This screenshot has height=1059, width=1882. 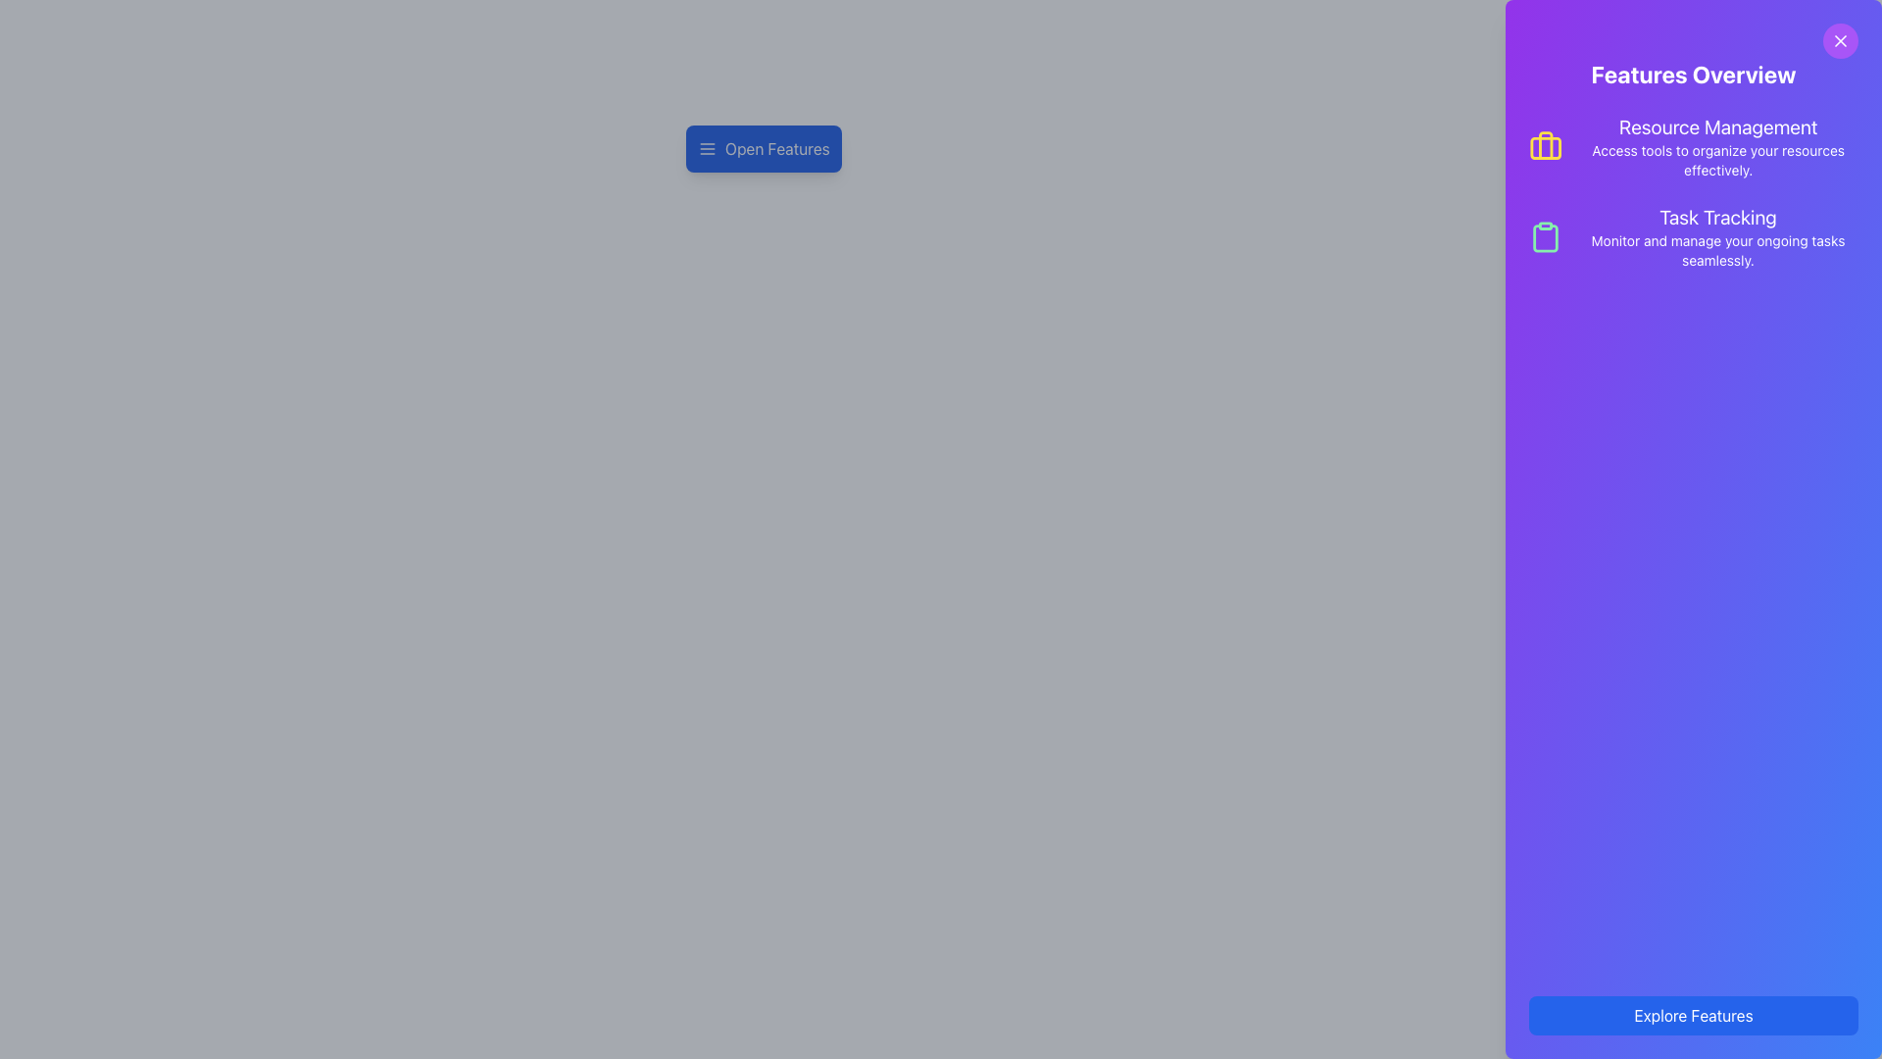 I want to click on title text 'Features Overview' displayed in large, bold font at the top of the right sidebar, which has a gradient background transitioning from purple to blue, so click(x=1693, y=74).